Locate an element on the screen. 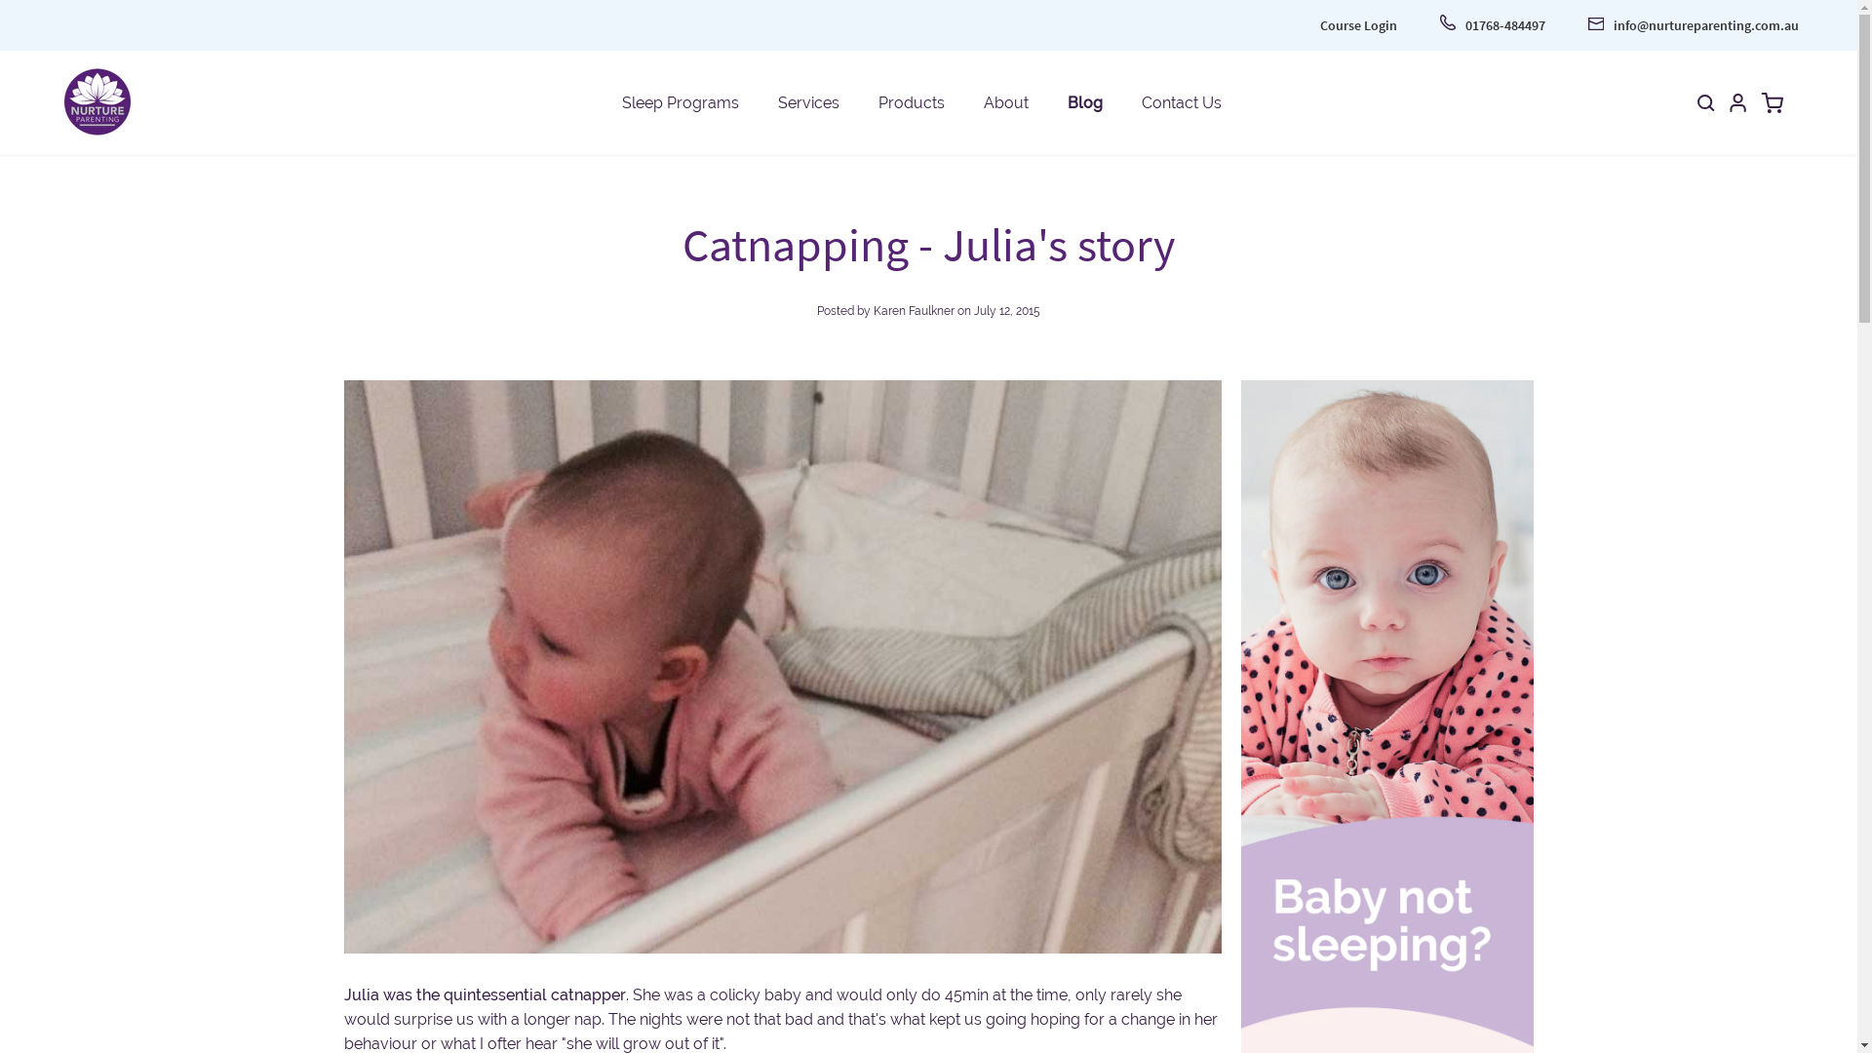 Image resolution: width=1872 pixels, height=1053 pixels. 'About' is located at coordinates (1005, 101).